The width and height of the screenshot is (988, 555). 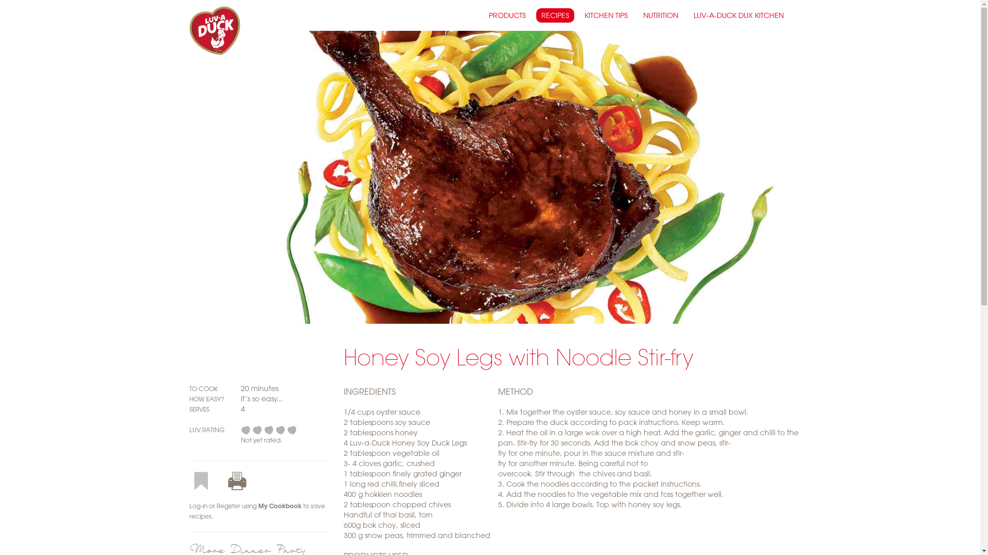 I want to click on 'NUTRITION', so click(x=637, y=15).